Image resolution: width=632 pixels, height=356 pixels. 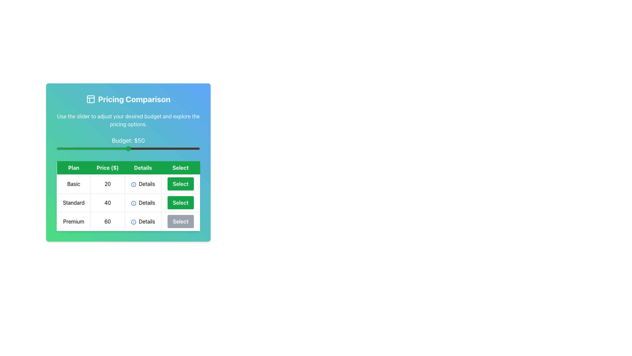 I want to click on the budget, so click(x=96, y=149).